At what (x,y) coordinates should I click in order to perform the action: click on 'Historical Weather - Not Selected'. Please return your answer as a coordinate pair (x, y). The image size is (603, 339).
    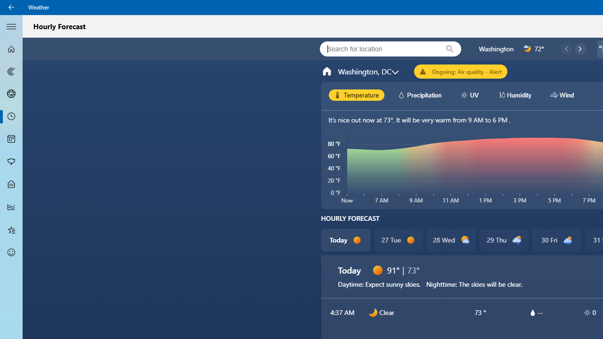
    Looking at the image, I should click on (11, 206).